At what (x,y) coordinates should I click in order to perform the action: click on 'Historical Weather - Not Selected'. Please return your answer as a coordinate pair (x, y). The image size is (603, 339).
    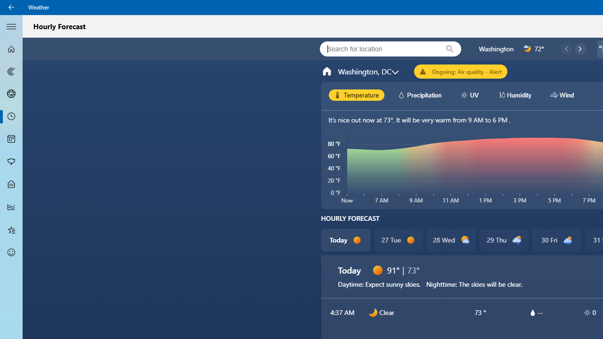
    Looking at the image, I should click on (11, 206).